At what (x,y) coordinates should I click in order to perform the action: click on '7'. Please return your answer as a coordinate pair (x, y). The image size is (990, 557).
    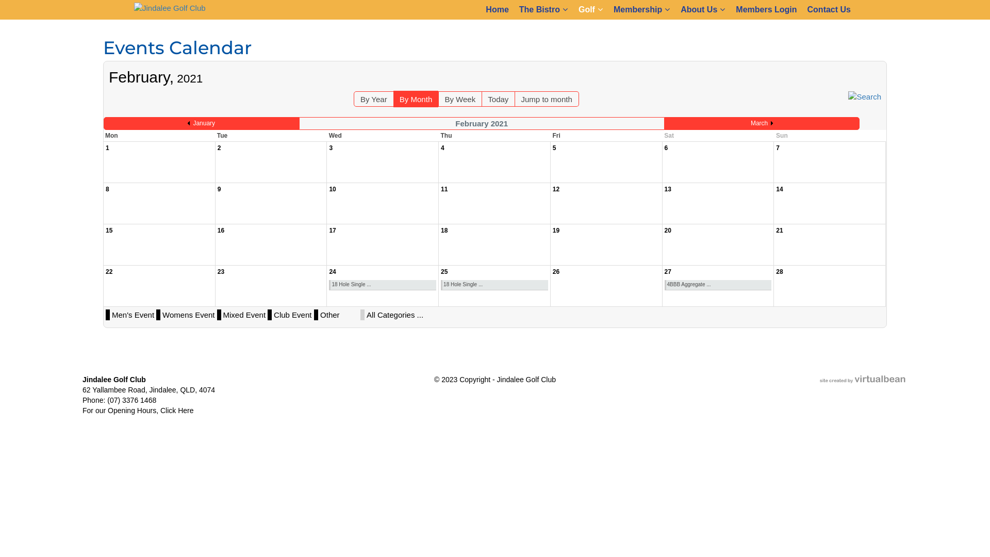
    Looking at the image, I should click on (778, 148).